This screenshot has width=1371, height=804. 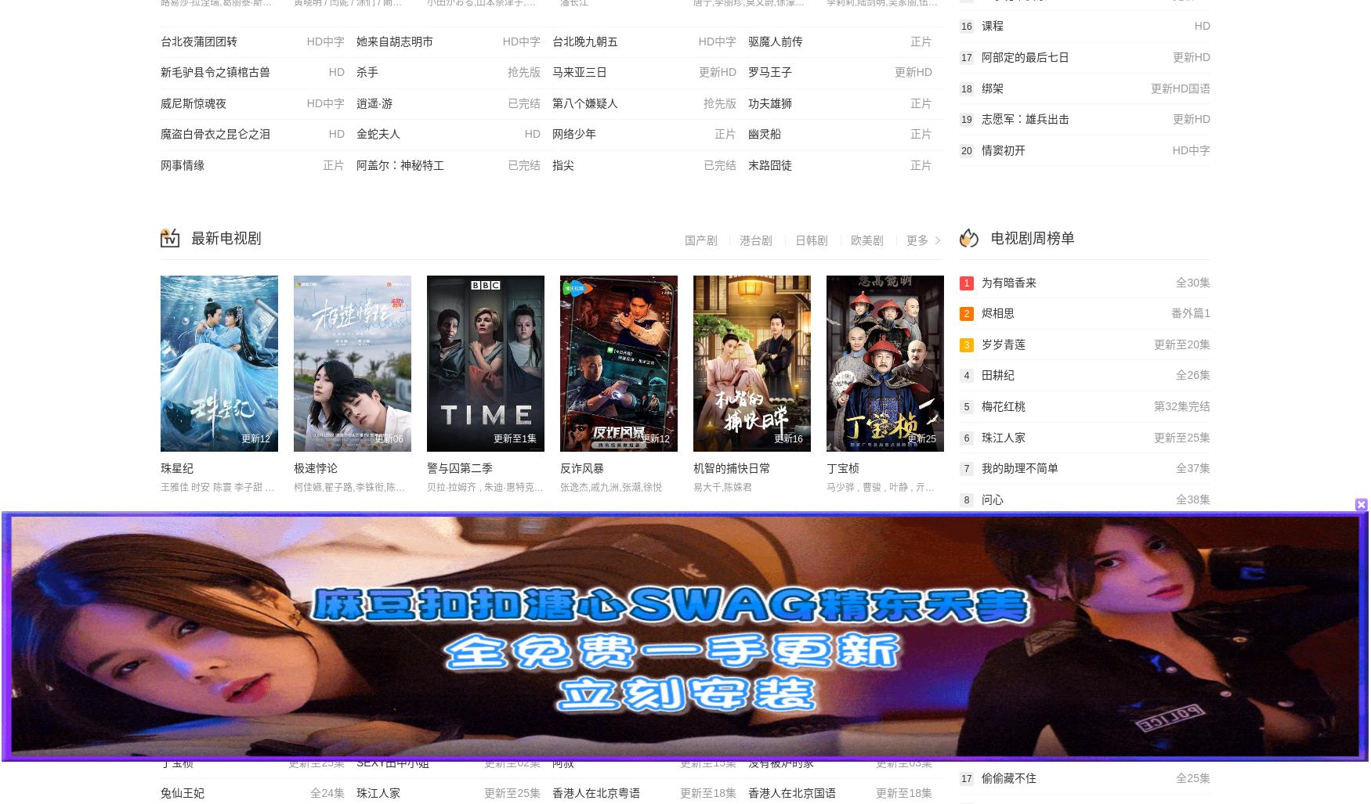 What do you see at coordinates (826, 486) in the screenshot?
I see `'马少骅 , 曹骏 , 叶静 , 亓航 , 刘芷含 , 张艺 , 张博涵 , 梁霆炜'` at bounding box center [826, 486].